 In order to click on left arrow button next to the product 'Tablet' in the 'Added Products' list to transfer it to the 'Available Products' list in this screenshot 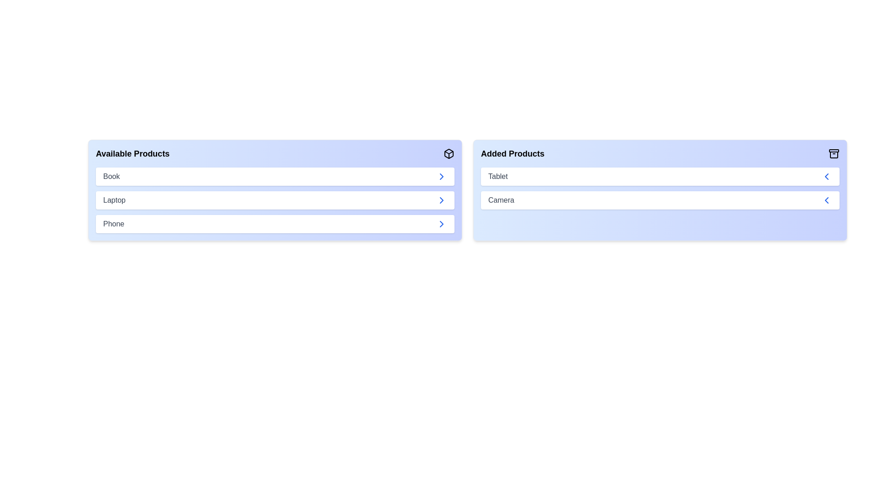, I will do `click(826, 176)`.